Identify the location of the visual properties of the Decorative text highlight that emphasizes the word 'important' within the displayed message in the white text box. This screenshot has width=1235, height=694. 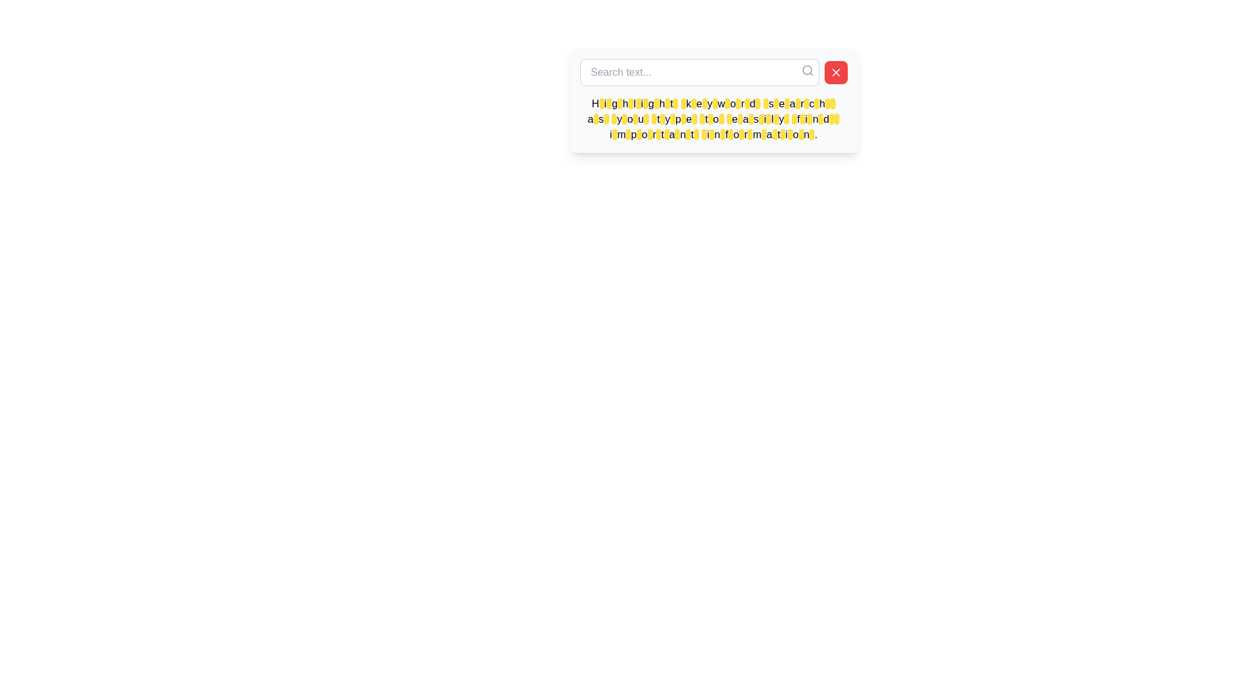
(731, 134).